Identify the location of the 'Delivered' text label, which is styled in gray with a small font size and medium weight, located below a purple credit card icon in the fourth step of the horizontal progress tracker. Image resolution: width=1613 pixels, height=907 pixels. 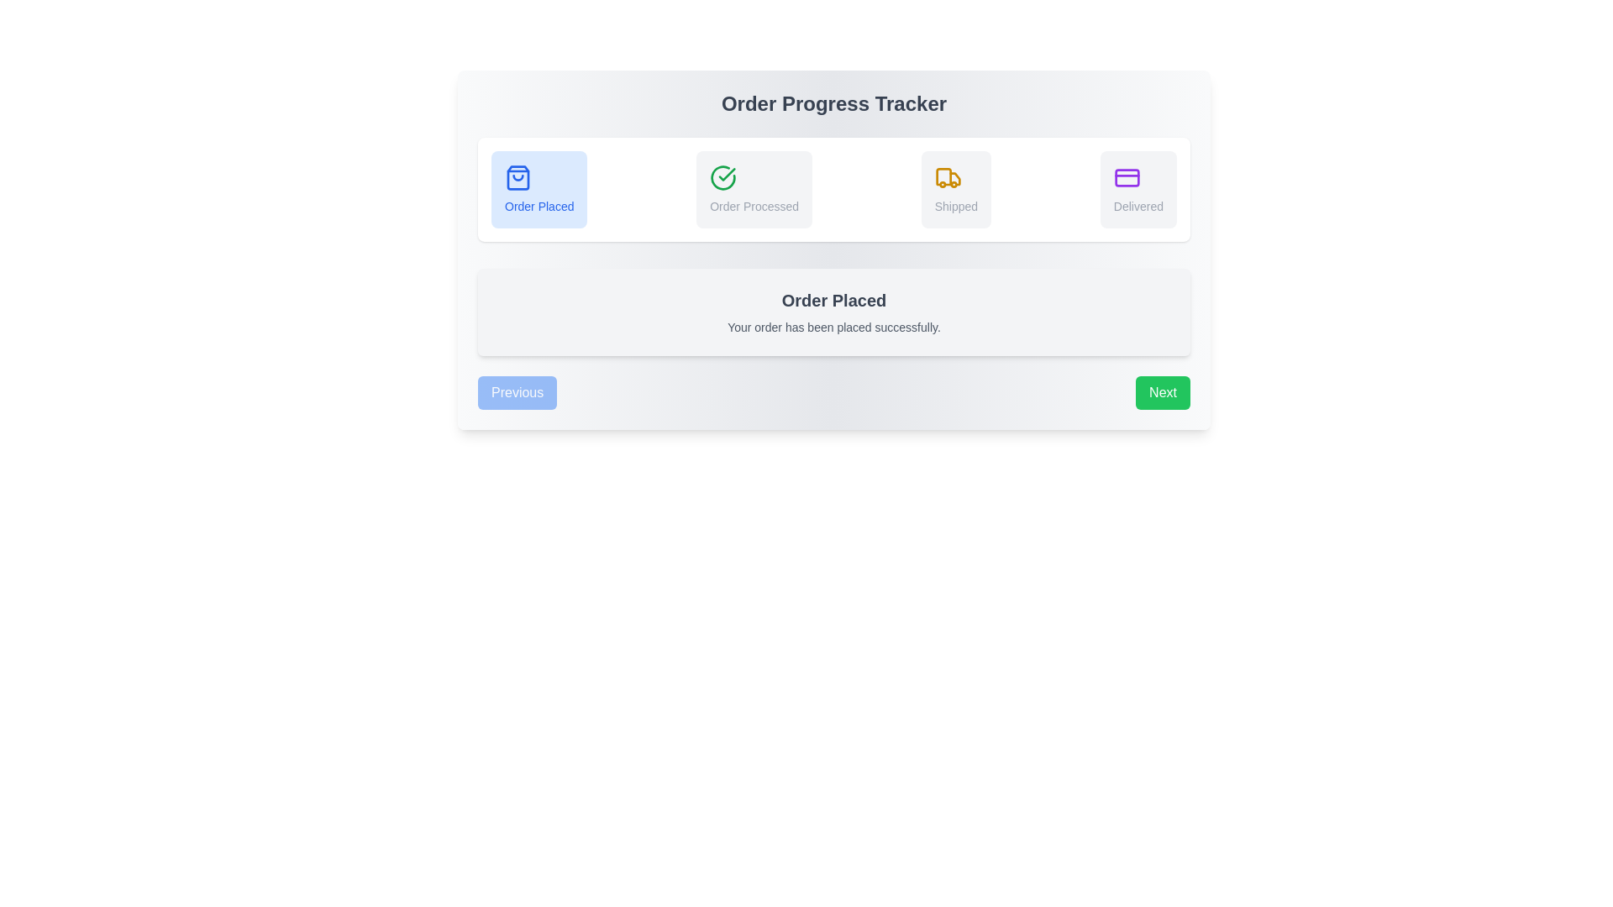
(1138, 206).